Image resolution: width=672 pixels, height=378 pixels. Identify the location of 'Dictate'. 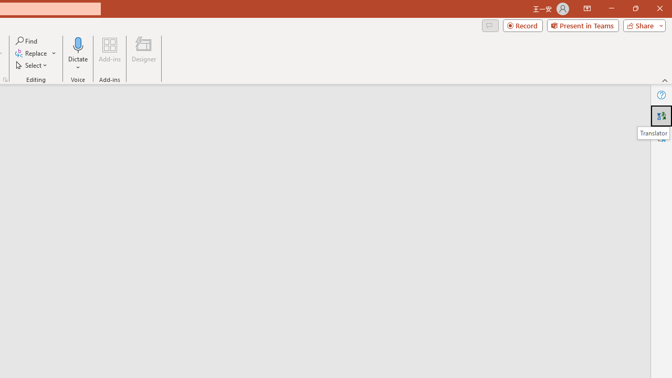
(78, 44).